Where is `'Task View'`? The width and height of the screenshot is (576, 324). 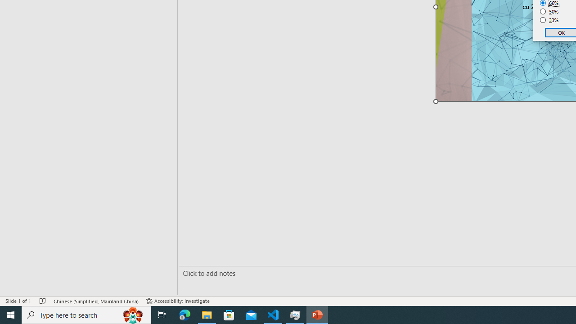 'Task View' is located at coordinates (162, 314).